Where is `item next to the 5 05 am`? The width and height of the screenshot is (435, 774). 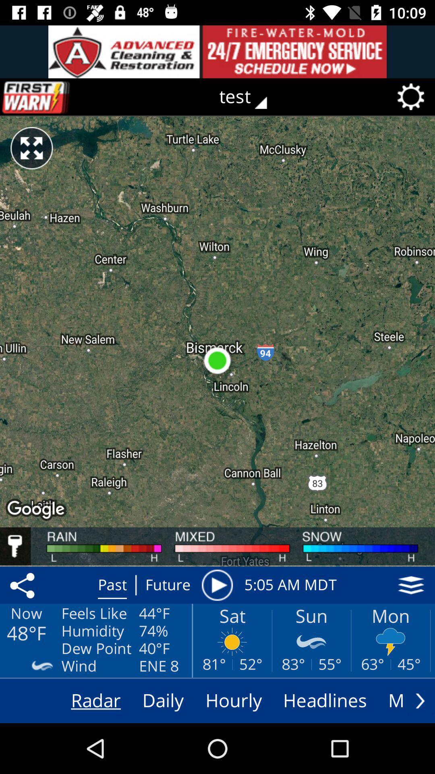
item next to the 5 05 am is located at coordinates (411, 585).